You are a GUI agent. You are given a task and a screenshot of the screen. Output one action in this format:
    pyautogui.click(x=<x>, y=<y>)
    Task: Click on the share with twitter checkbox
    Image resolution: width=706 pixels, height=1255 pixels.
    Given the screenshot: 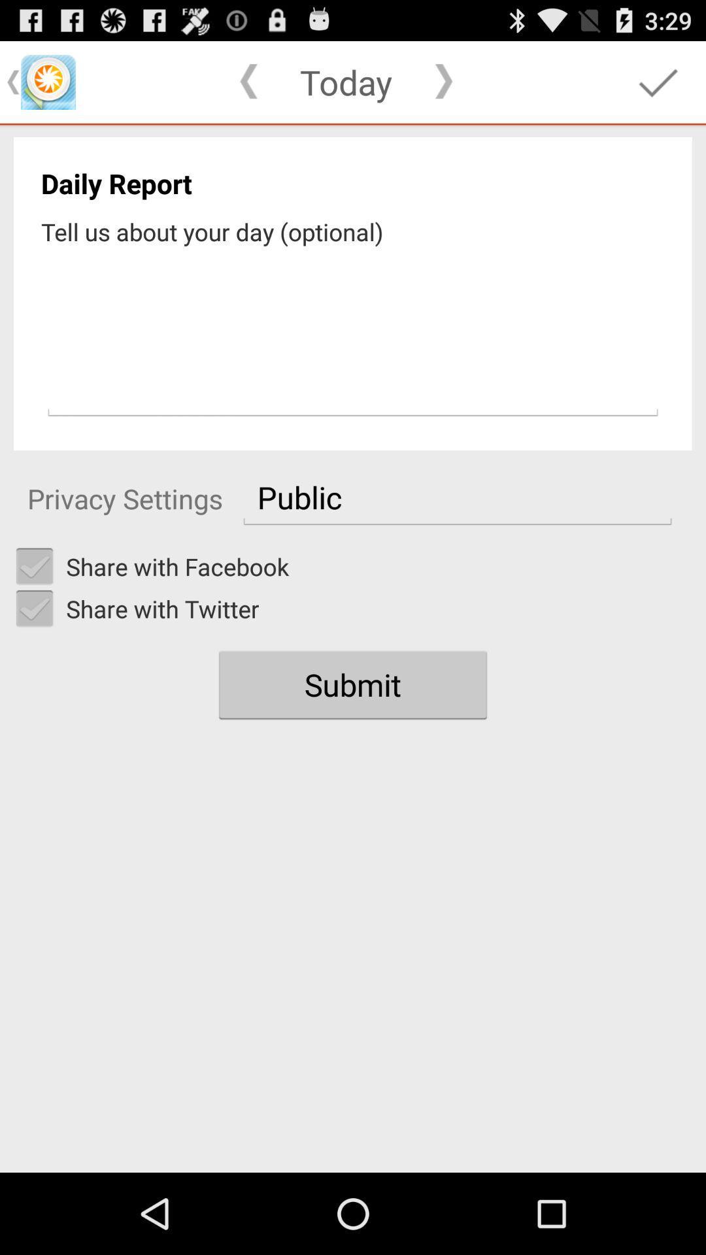 What is the action you would take?
    pyautogui.click(x=34, y=608)
    